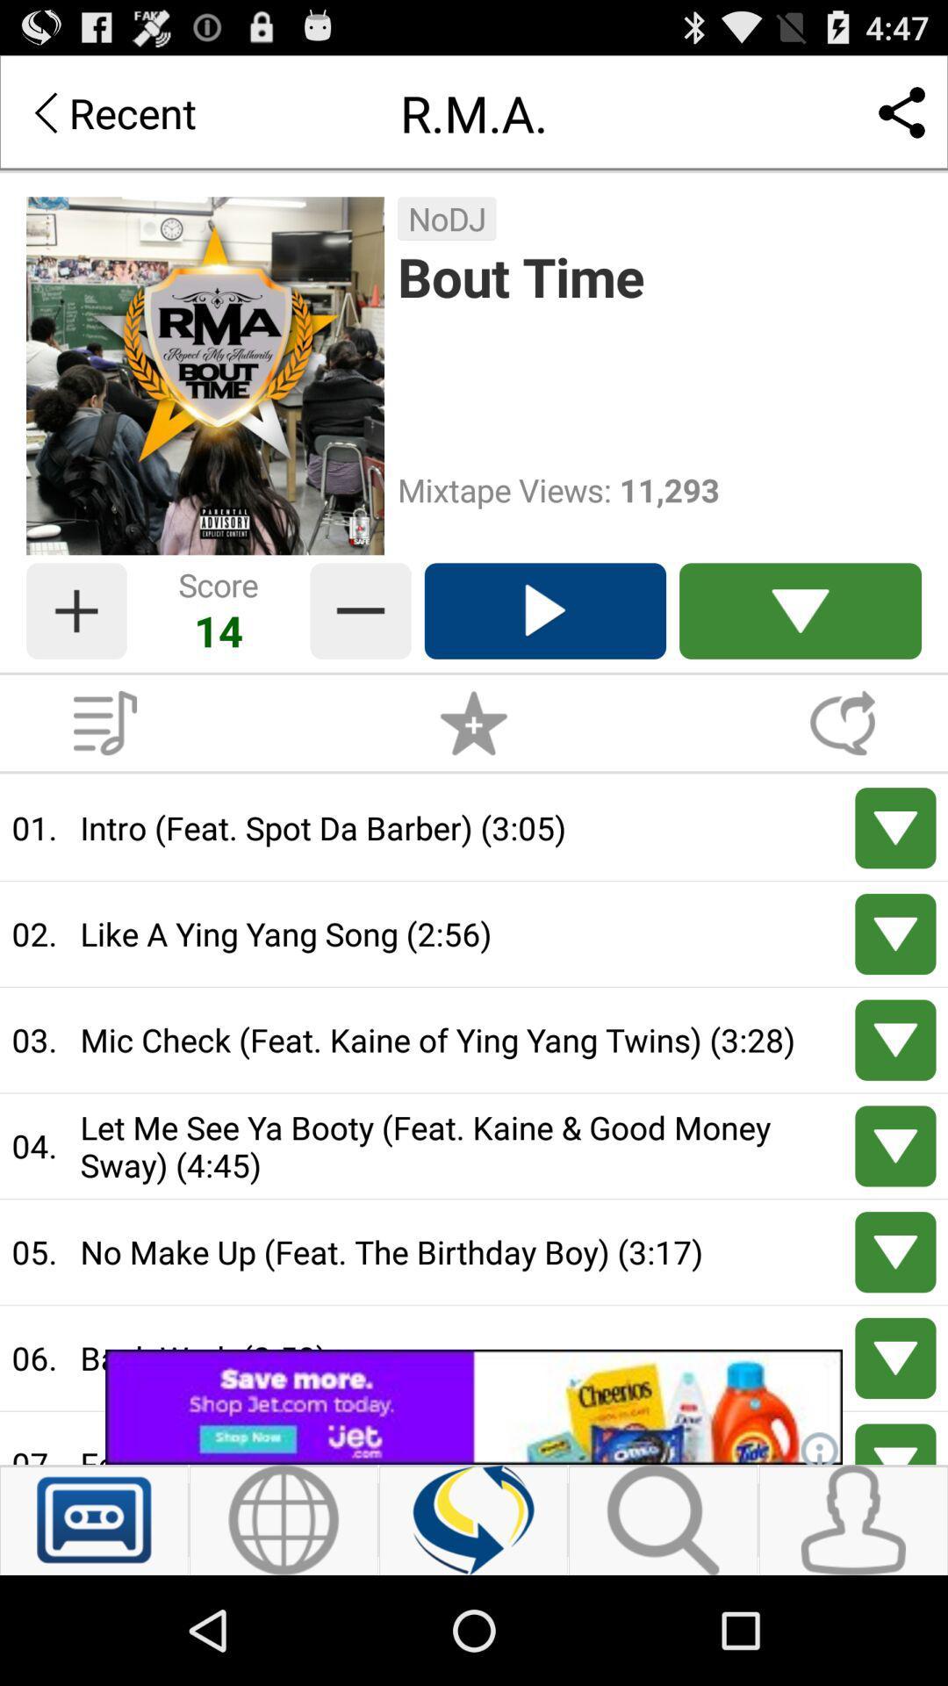  What do you see at coordinates (360, 652) in the screenshot?
I see `the minus icon` at bounding box center [360, 652].